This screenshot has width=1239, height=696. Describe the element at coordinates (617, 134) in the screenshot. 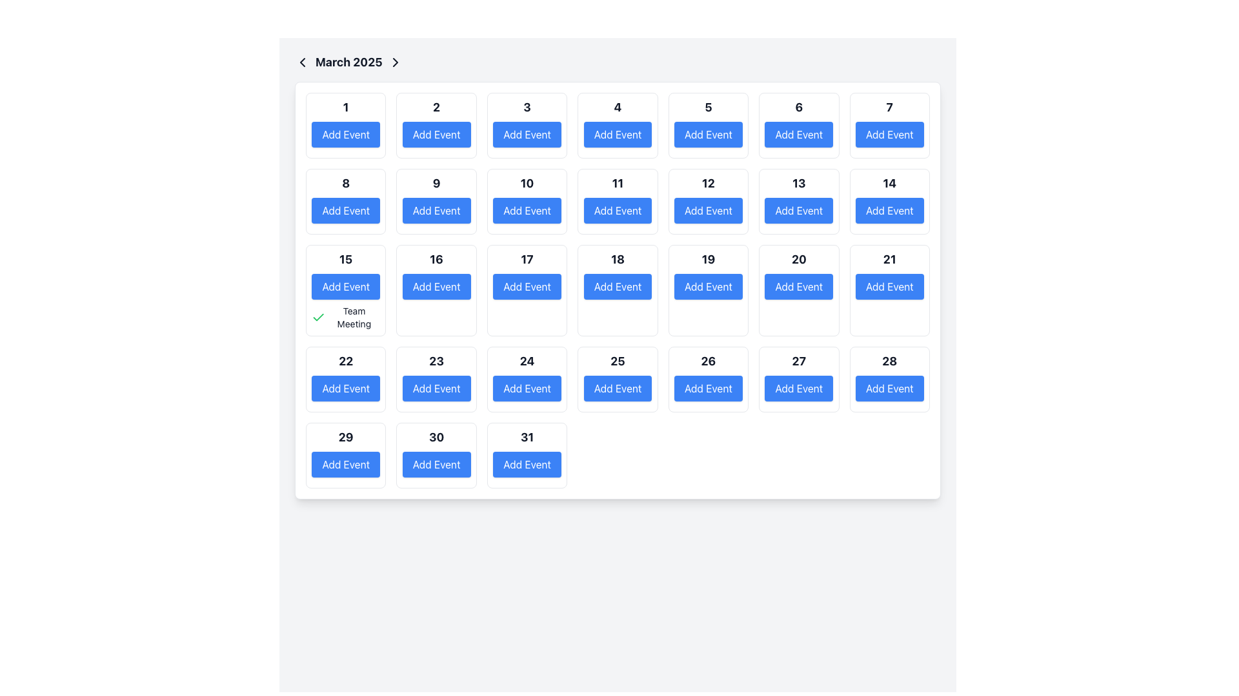

I see `the button located in the calendar grid under the header 'March 2025', in the fourth column and the first row, to initiate an event addition` at that location.